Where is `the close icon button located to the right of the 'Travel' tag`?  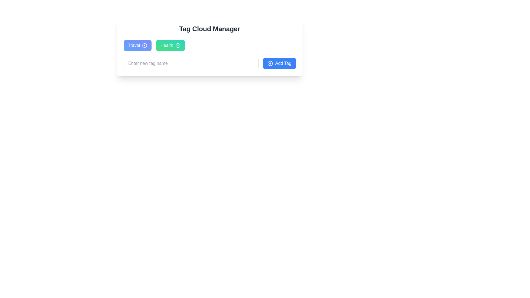
the close icon button located to the right of the 'Travel' tag is located at coordinates (145, 45).